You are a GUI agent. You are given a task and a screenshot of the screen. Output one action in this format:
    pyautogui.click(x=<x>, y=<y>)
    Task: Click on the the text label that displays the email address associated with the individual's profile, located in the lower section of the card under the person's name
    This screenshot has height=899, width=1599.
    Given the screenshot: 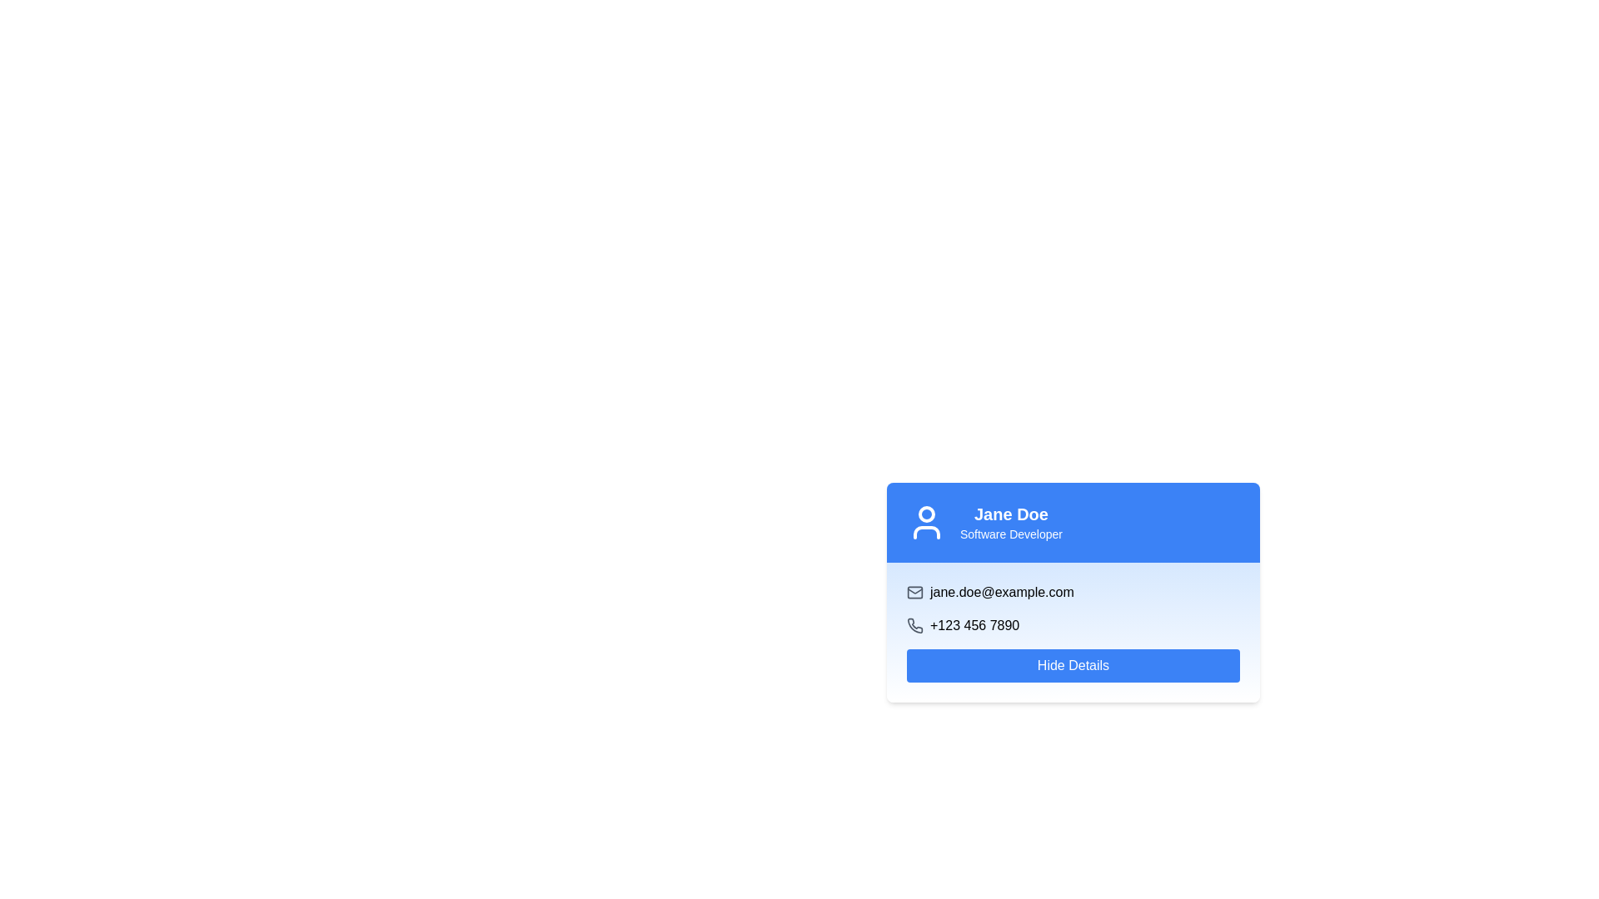 What is the action you would take?
    pyautogui.click(x=1001, y=592)
    